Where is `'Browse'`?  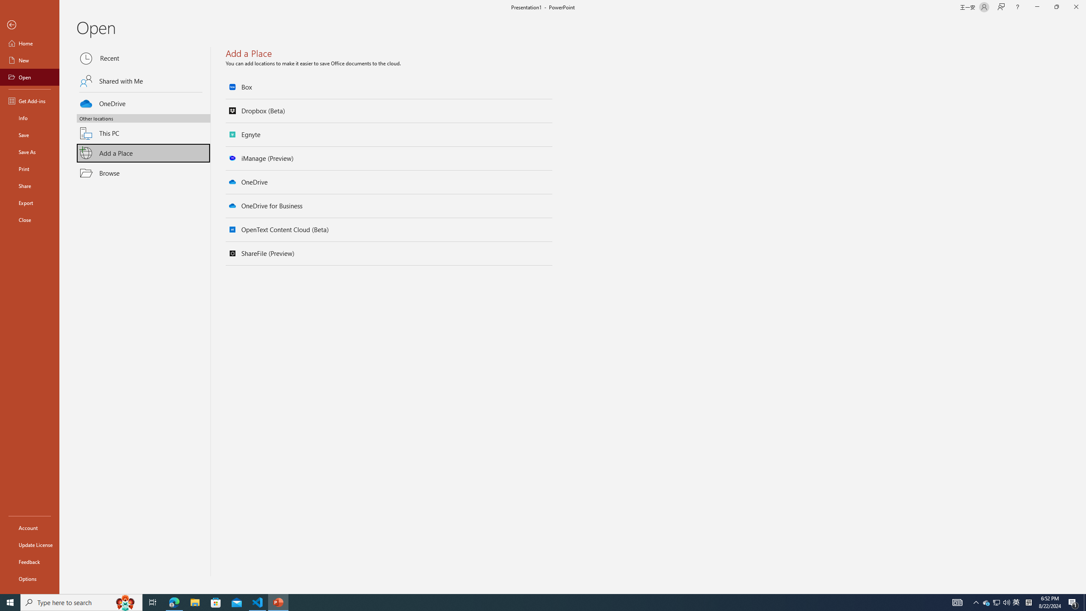 'Browse' is located at coordinates (143, 173).